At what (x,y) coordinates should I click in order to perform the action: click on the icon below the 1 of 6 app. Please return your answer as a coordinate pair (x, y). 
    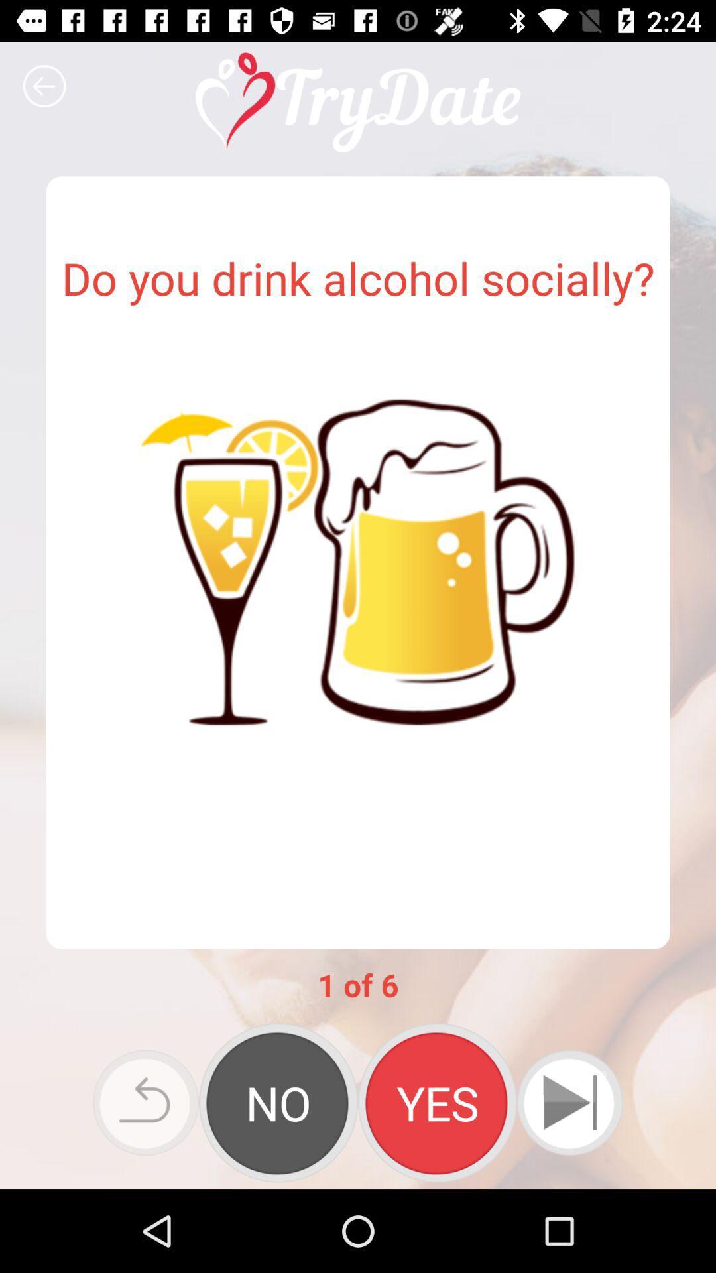
    Looking at the image, I should click on (278, 1103).